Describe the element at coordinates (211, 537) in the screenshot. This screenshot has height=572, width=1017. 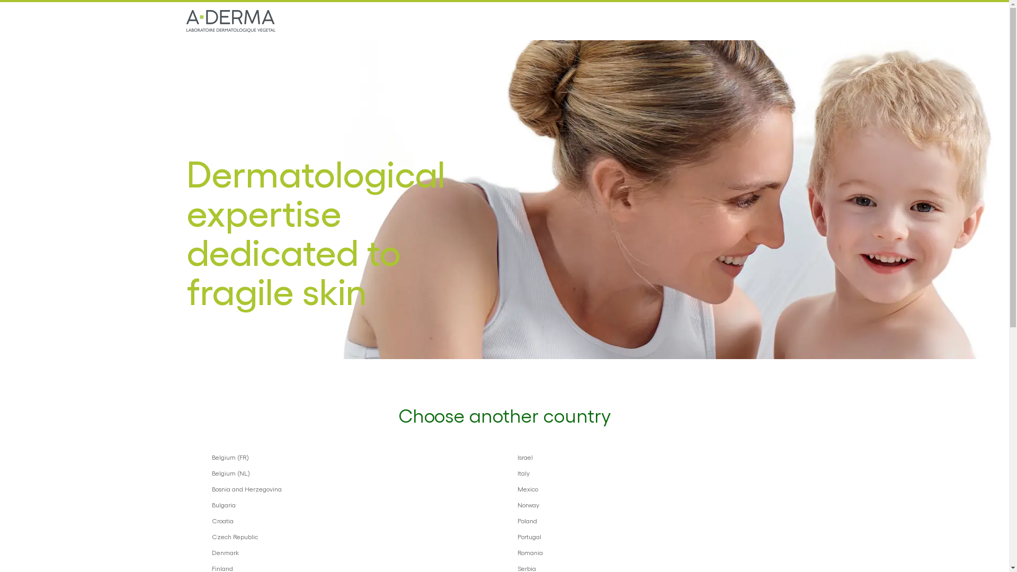
I see `'Czech Republic'` at that location.